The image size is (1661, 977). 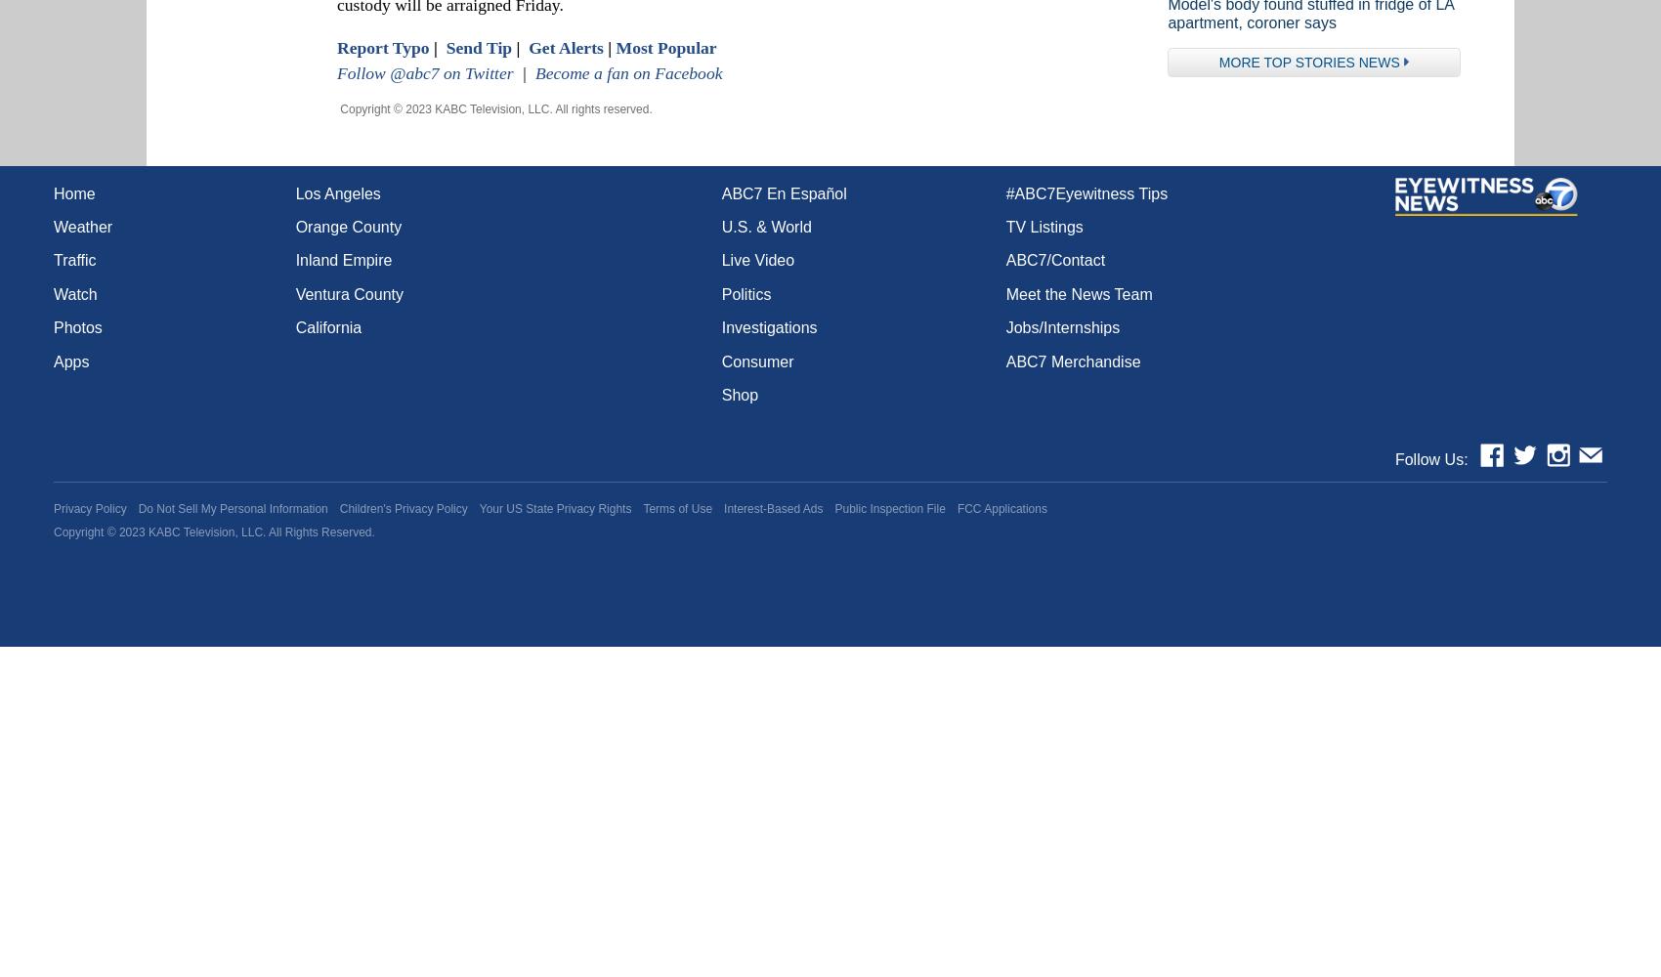 What do you see at coordinates (117, 531) in the screenshot?
I see `'2023'` at bounding box center [117, 531].